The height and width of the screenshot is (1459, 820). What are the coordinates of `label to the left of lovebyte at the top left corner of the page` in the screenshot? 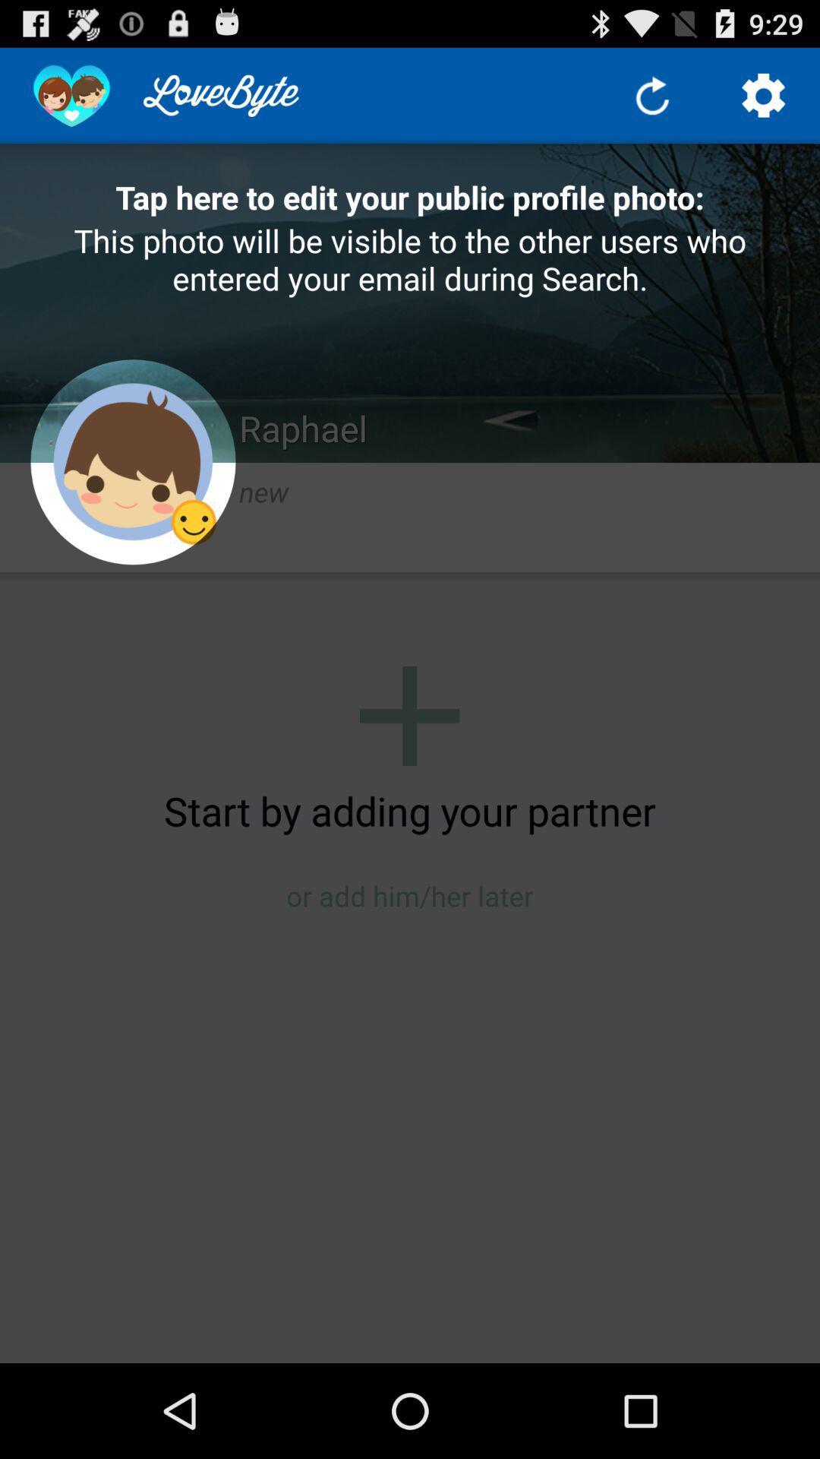 It's located at (71, 95).